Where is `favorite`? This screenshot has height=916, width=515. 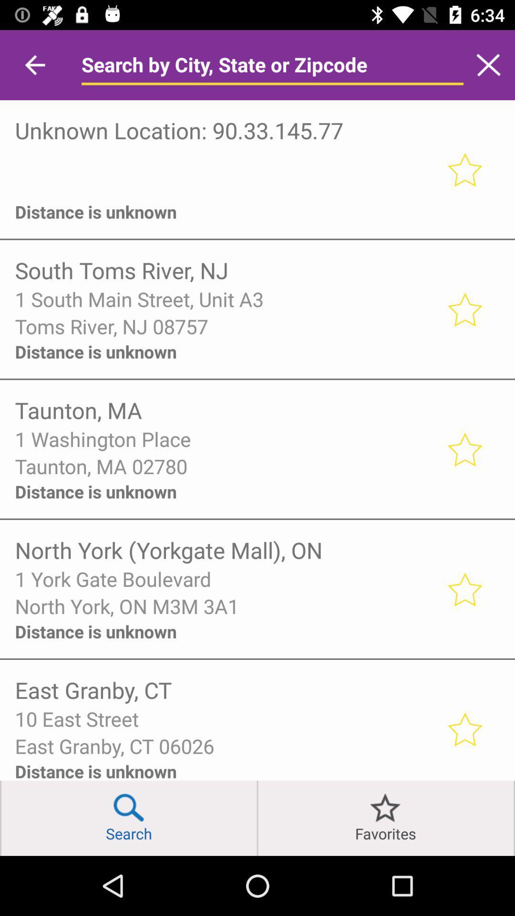
favorite is located at coordinates (464, 729).